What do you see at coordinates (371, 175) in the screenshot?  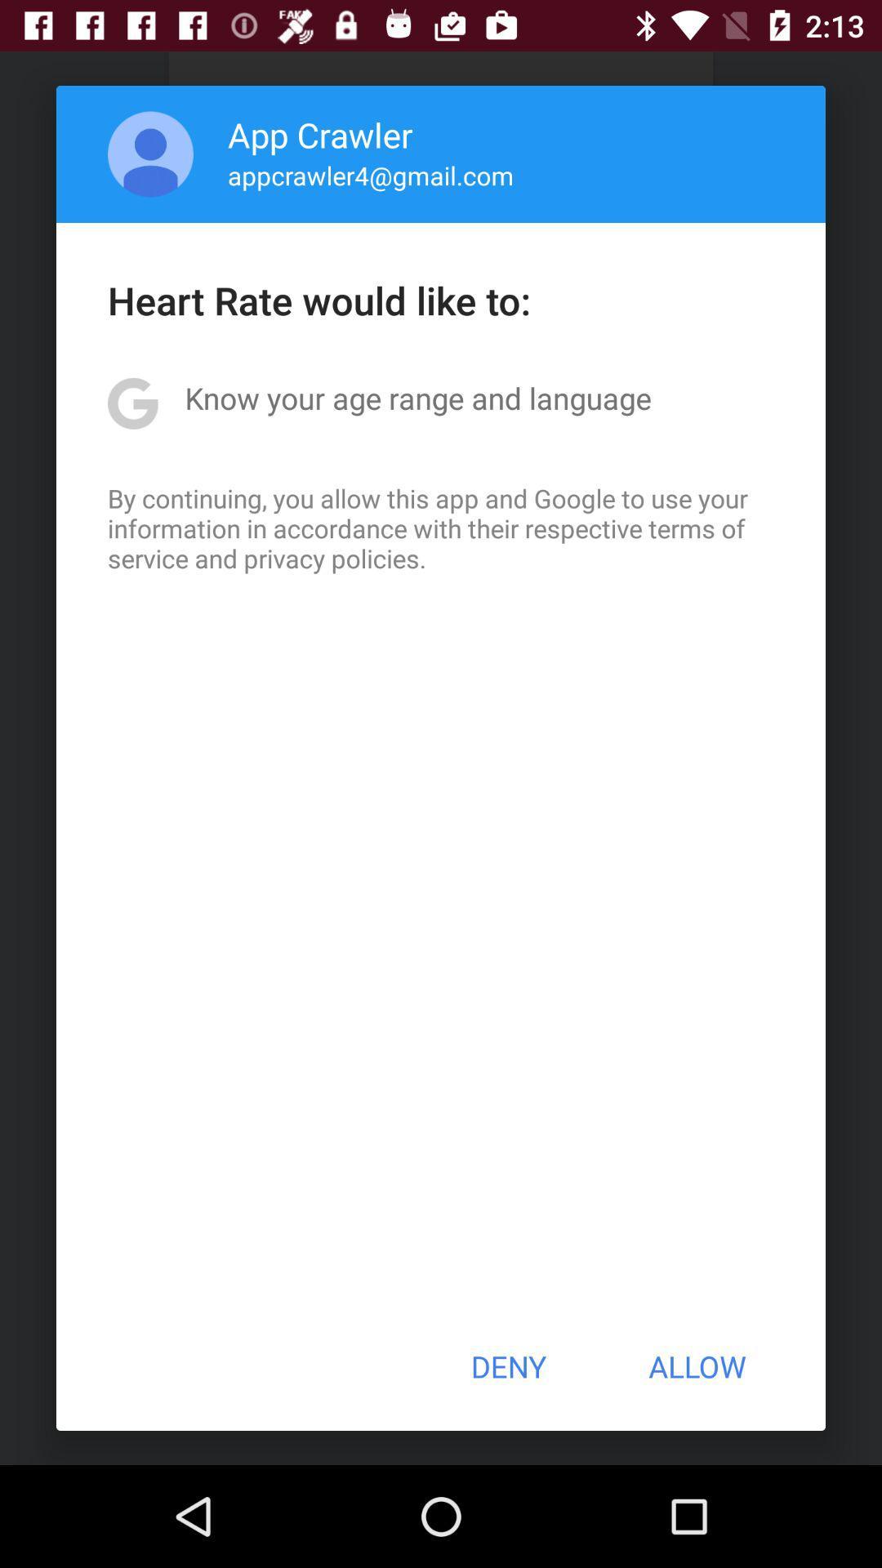 I see `item above the heart rate would icon` at bounding box center [371, 175].